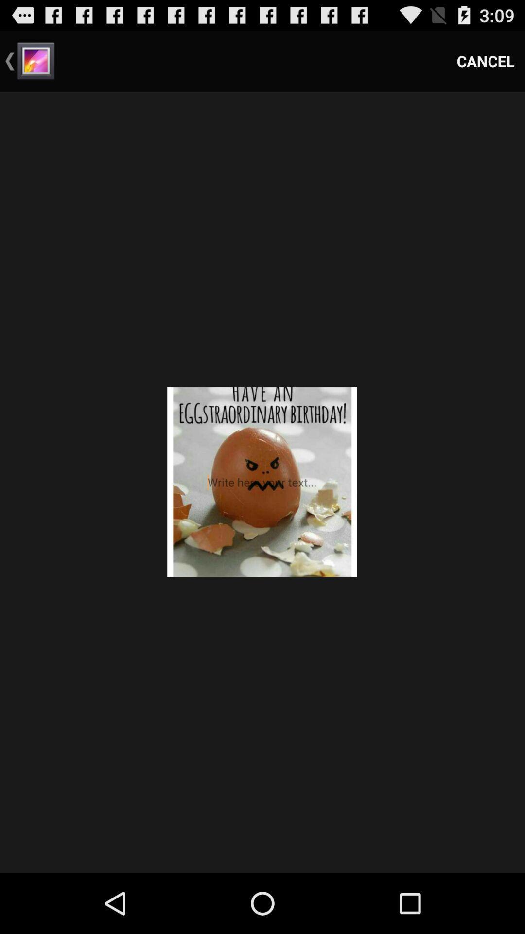  I want to click on the cancel, so click(486, 60).